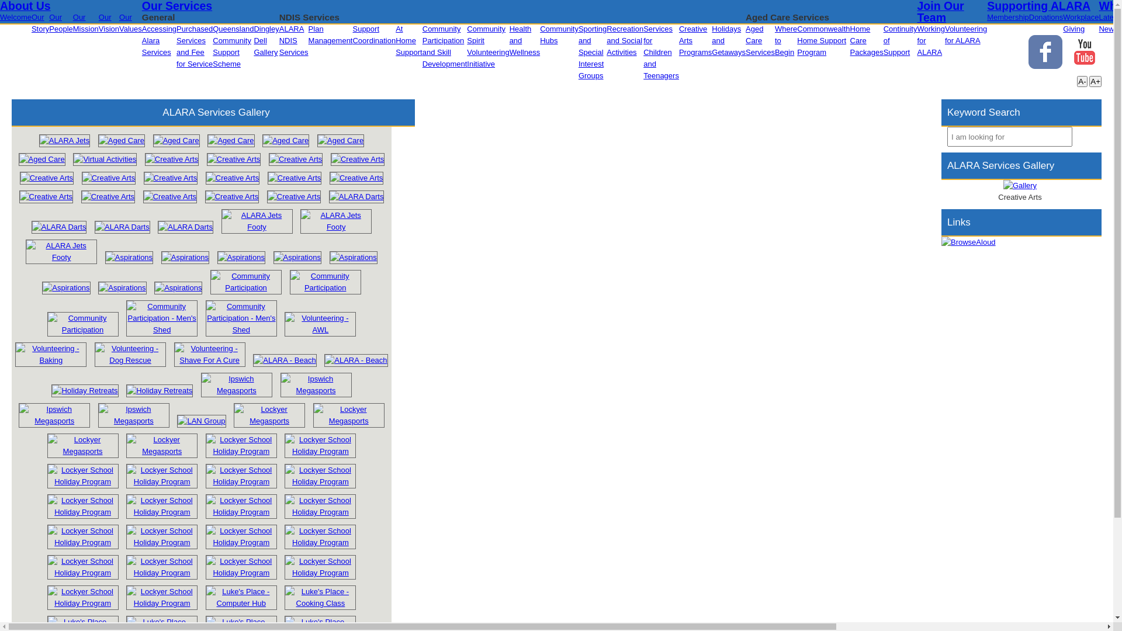 Image resolution: width=1122 pixels, height=631 pixels. Describe the element at coordinates (50, 353) in the screenshot. I see `'Volunteering - Baking'` at that location.